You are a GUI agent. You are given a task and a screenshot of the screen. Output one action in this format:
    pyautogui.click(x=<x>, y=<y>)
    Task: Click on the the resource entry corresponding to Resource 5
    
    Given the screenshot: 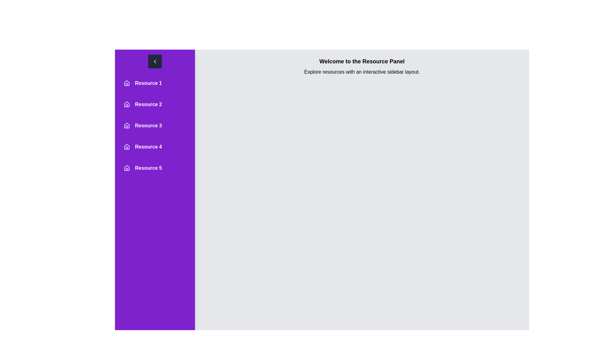 What is the action you would take?
    pyautogui.click(x=155, y=168)
    